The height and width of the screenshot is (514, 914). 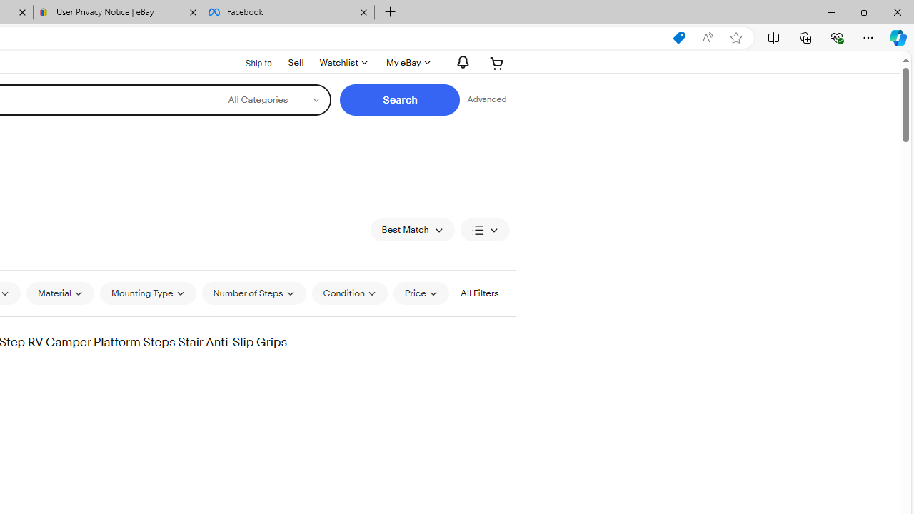 What do you see at coordinates (273, 99) in the screenshot?
I see `'Select a category for search'` at bounding box center [273, 99].